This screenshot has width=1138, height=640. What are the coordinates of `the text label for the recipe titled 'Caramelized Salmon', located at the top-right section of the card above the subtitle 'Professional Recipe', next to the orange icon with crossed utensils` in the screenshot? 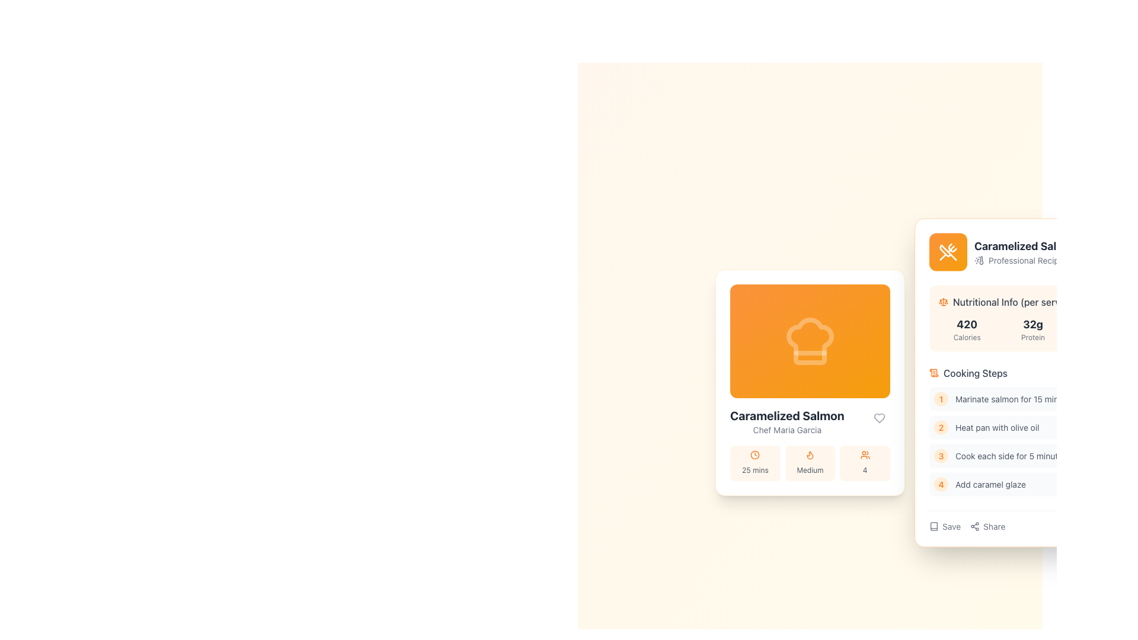 It's located at (1026, 245).